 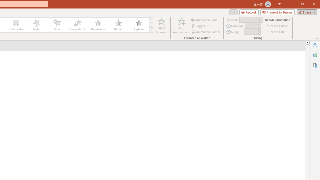 What do you see at coordinates (151, 30) in the screenshot?
I see `'Animation Styles'` at bounding box center [151, 30].